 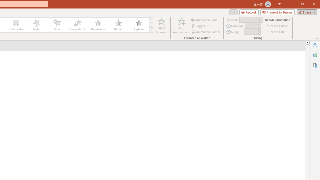 What do you see at coordinates (151, 30) in the screenshot?
I see `'Animation Styles'` at bounding box center [151, 30].